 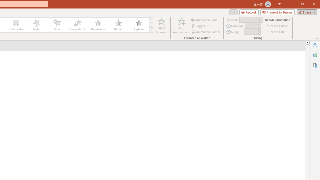 What do you see at coordinates (151, 30) in the screenshot?
I see `'Animation Styles'` at bounding box center [151, 30].